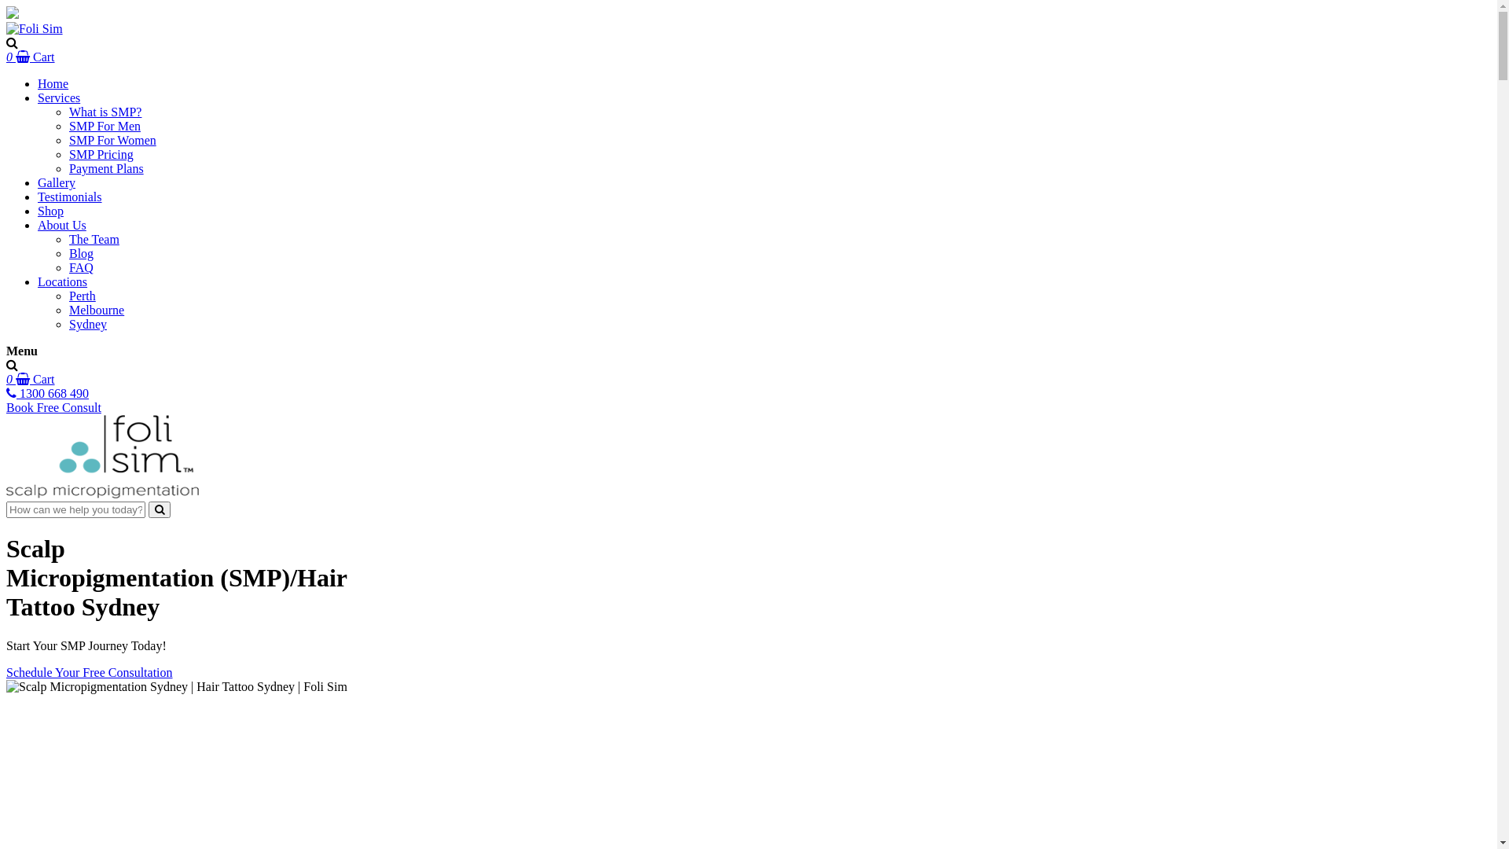  Describe the element at coordinates (68, 139) in the screenshot. I see `'SMP For Women'` at that location.